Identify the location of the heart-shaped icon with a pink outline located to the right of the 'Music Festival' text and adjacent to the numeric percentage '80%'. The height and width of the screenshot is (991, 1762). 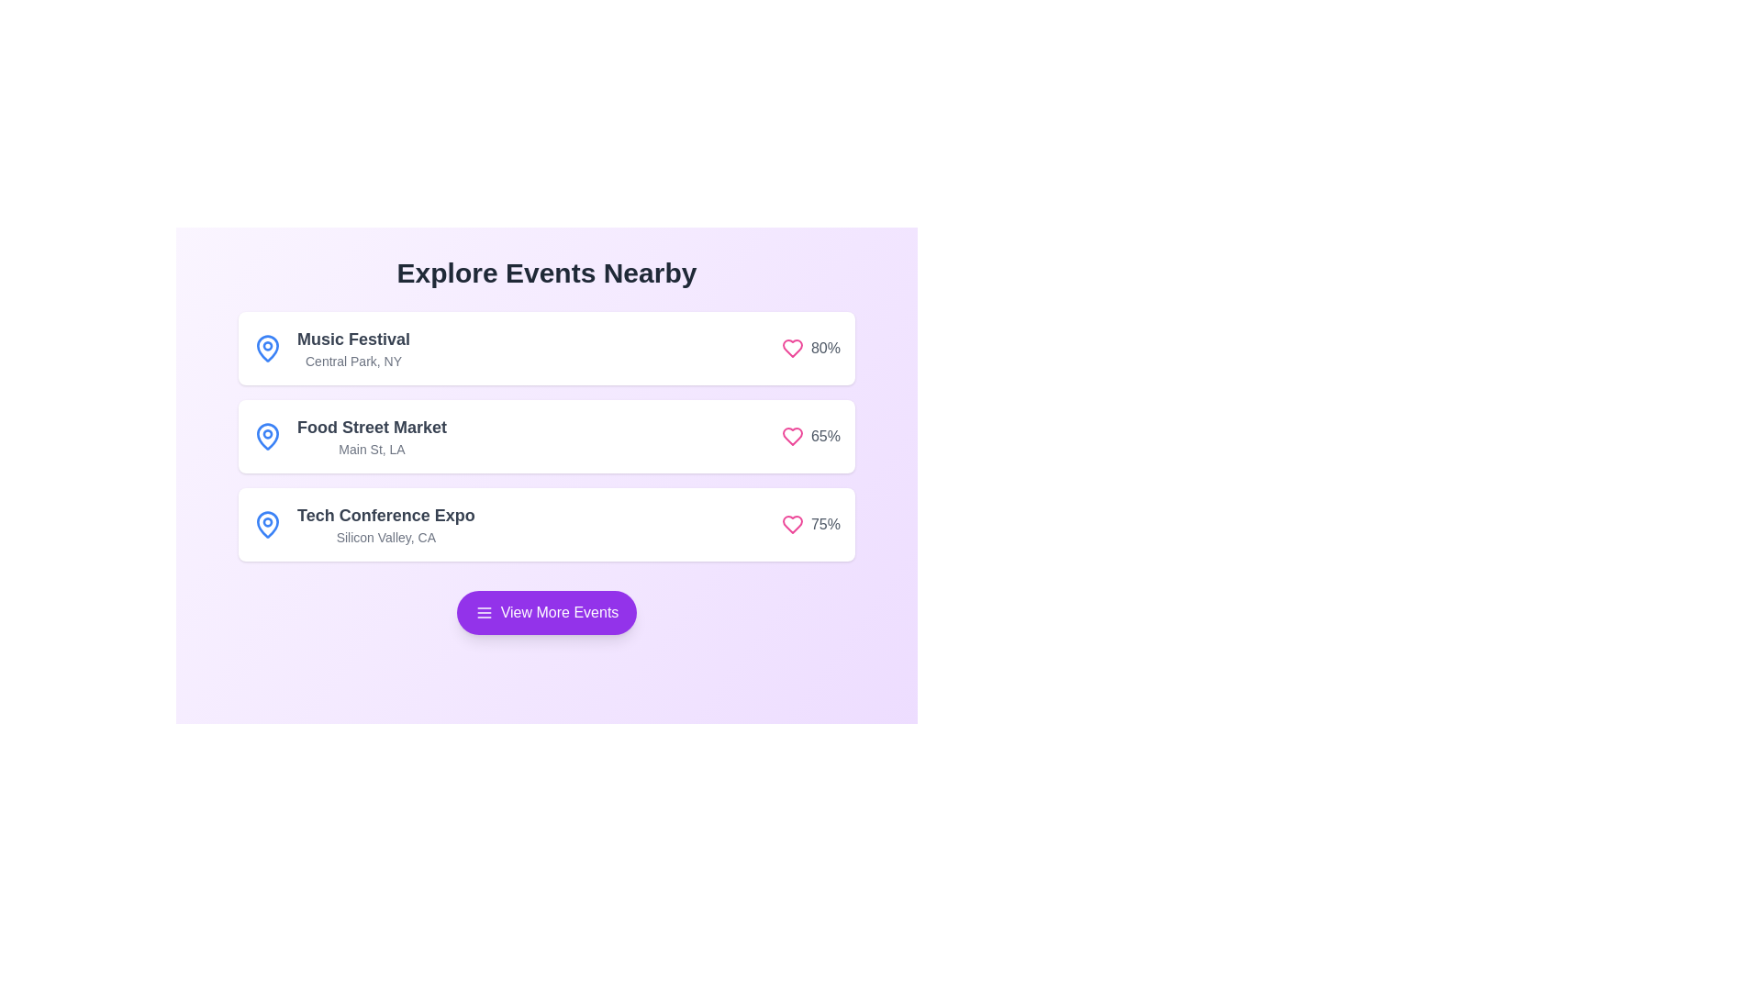
(793, 349).